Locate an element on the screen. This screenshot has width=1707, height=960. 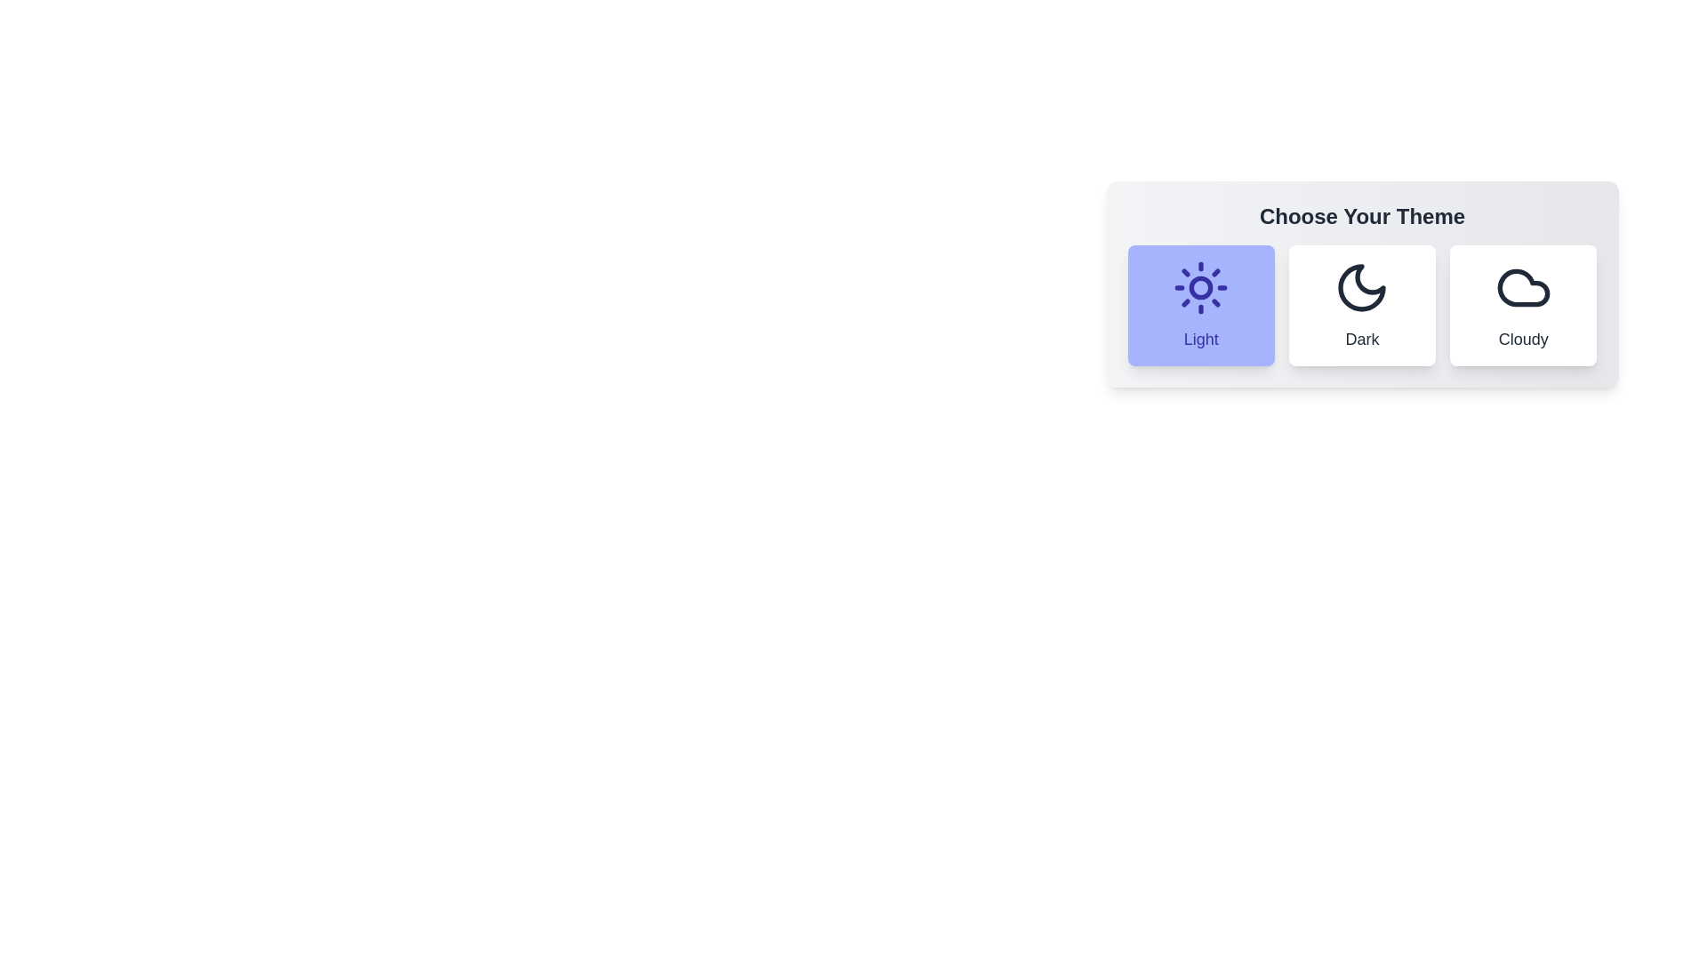
text label displaying 'Cloudy' styled in gray, located in the third icon group of weather-themed options is located at coordinates (1522, 339).